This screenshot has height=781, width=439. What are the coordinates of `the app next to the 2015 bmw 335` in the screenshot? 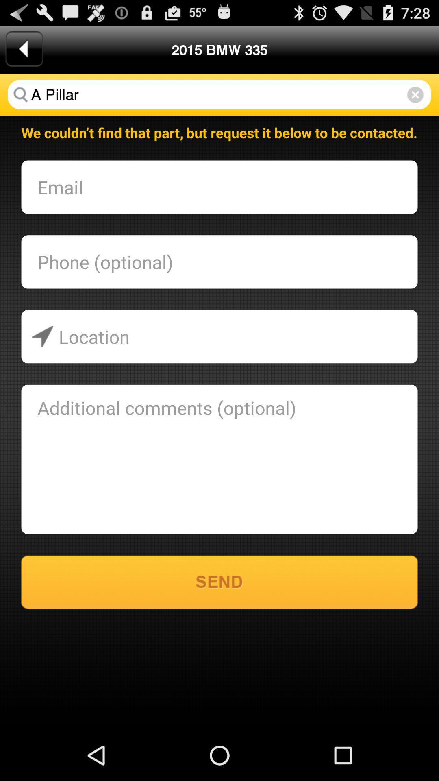 It's located at (24, 48).